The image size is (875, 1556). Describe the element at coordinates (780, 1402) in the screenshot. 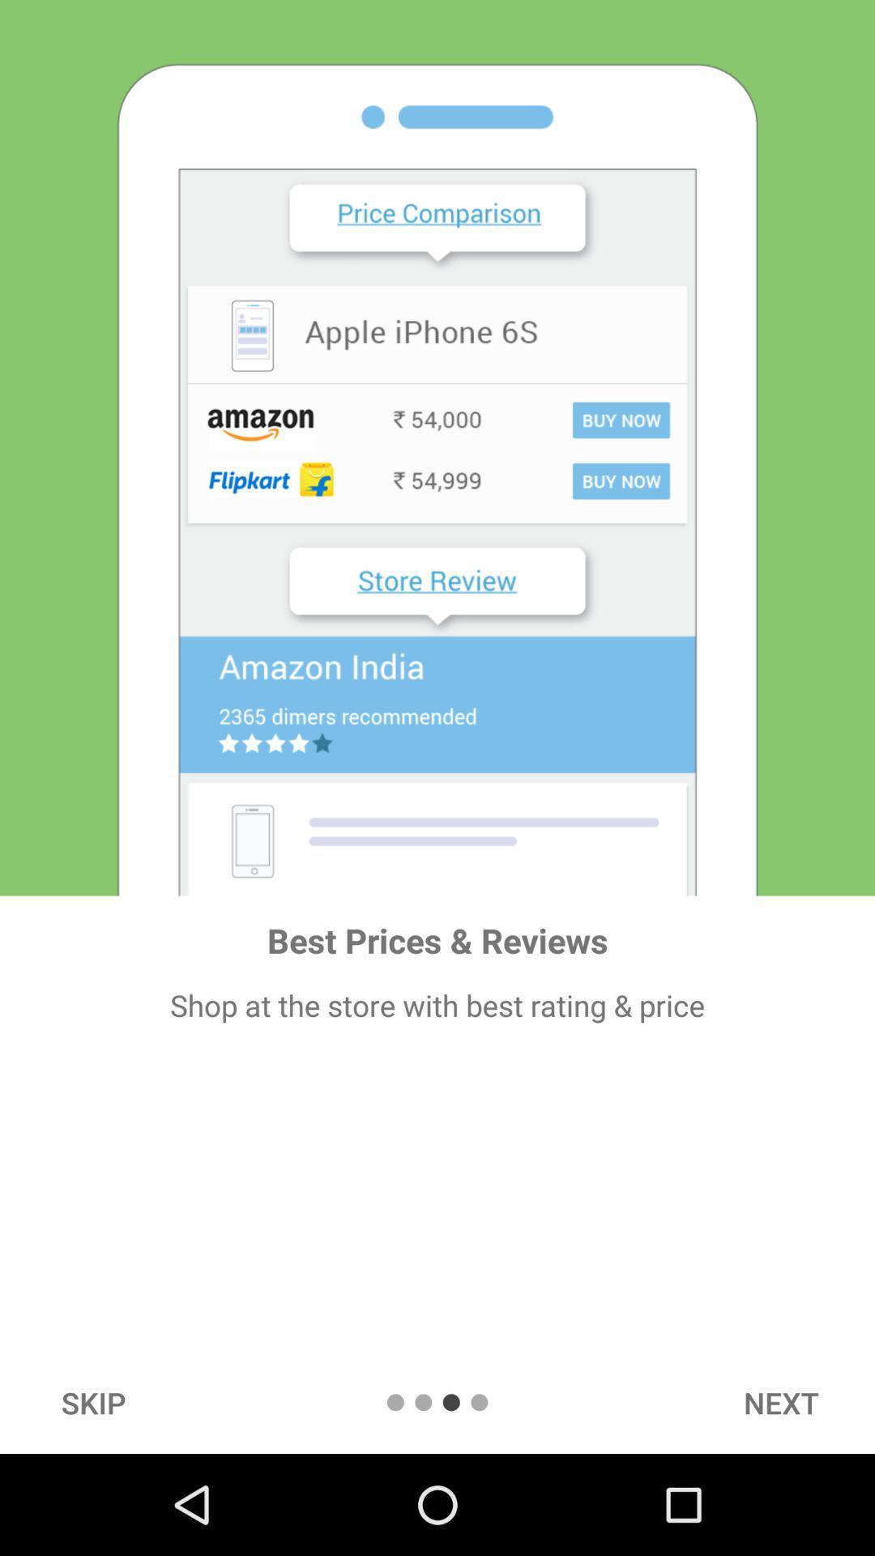

I see `the icon below the shop at the` at that location.